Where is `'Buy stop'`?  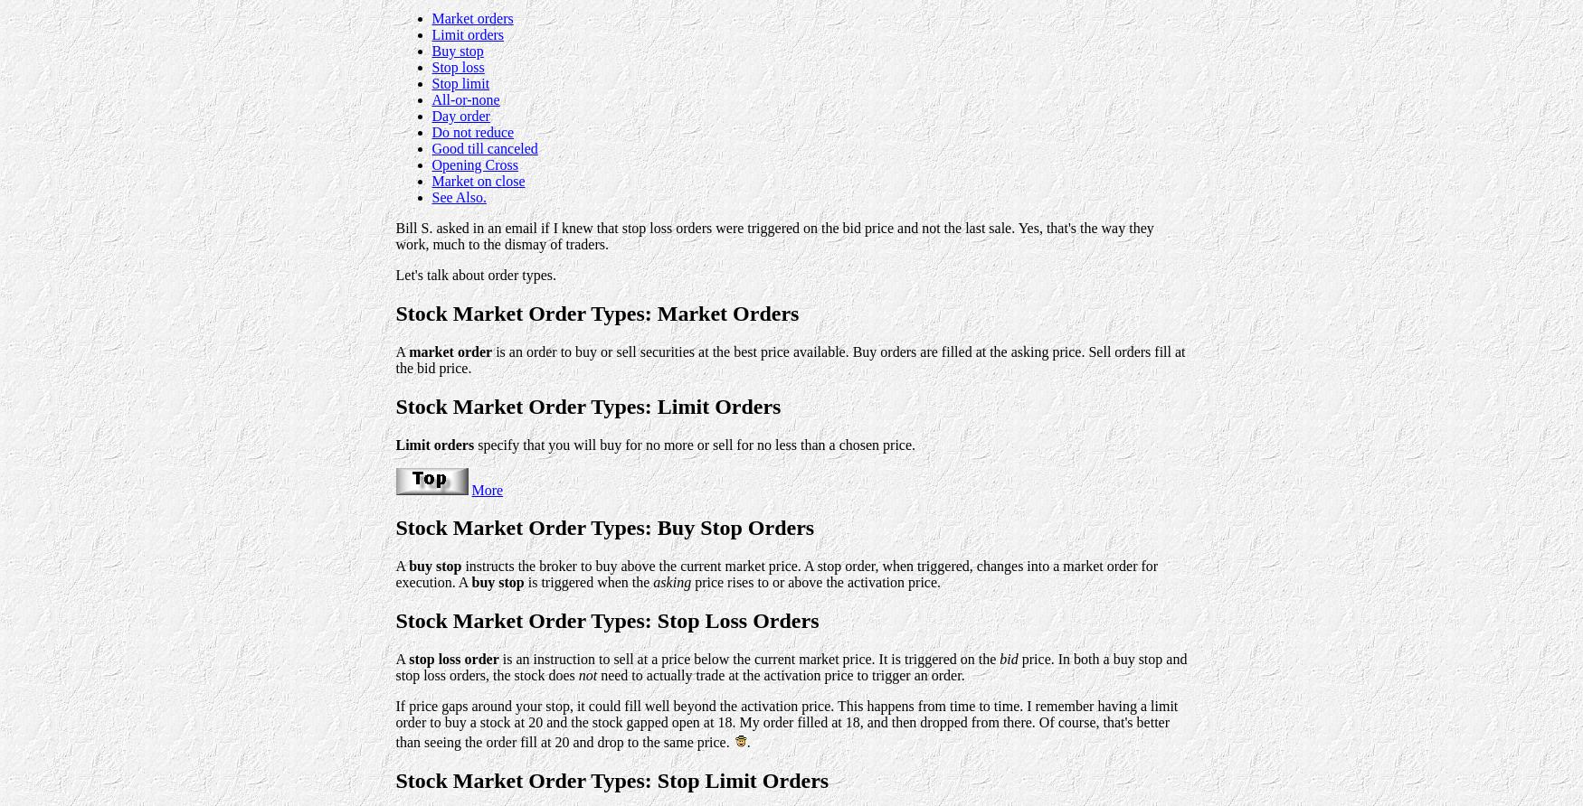 'Buy stop' is located at coordinates (456, 50).